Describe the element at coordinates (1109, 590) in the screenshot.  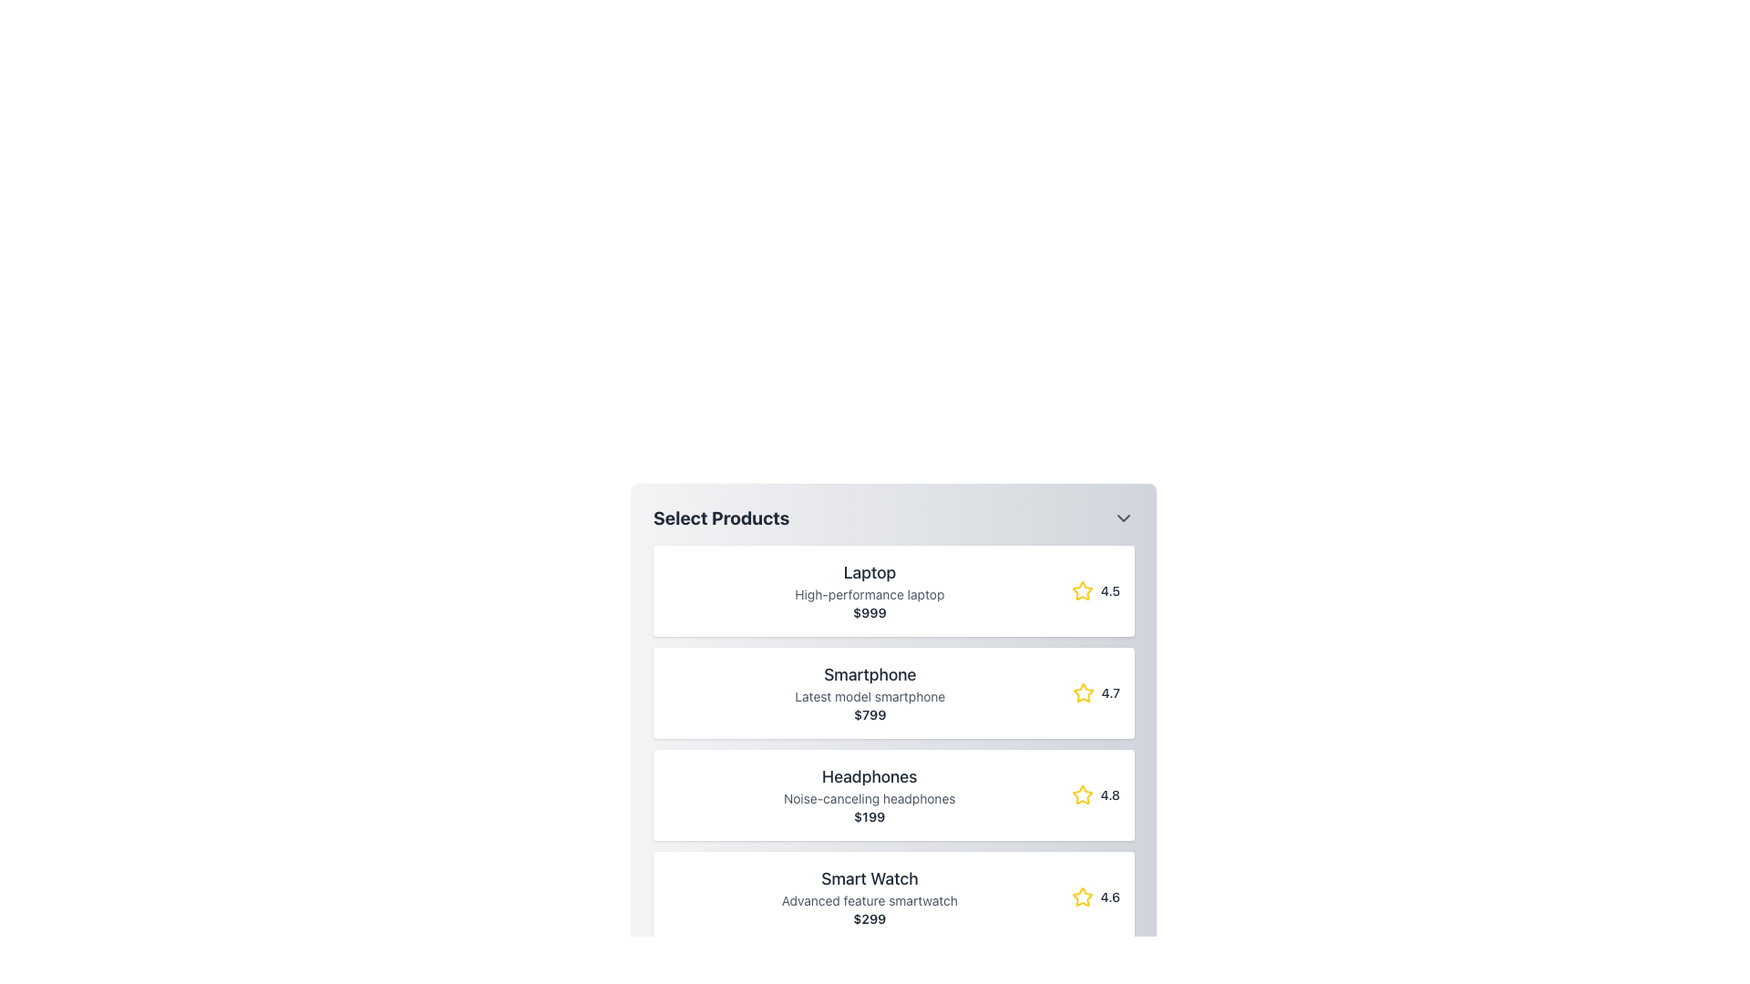
I see `the numerical rating text label located to the right of the yellow star icon in the topmost product entry of the list` at that location.